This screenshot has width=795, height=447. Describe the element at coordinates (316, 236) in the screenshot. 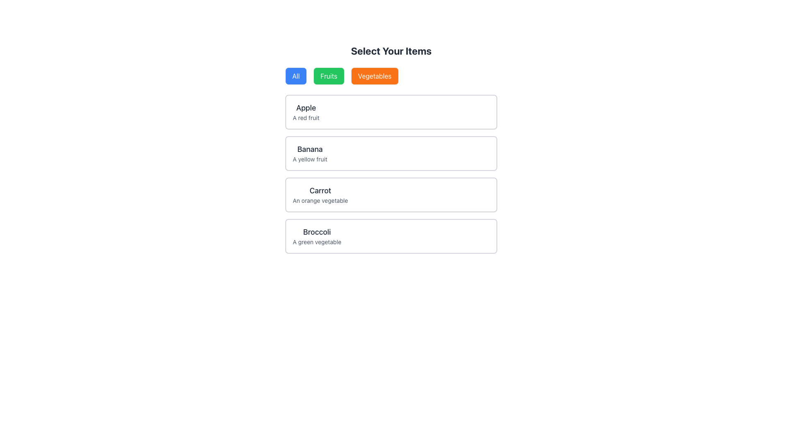

I see `the static text element that provides information about 'Broccoli', which is positioned at the bottom of the food selections list` at that location.